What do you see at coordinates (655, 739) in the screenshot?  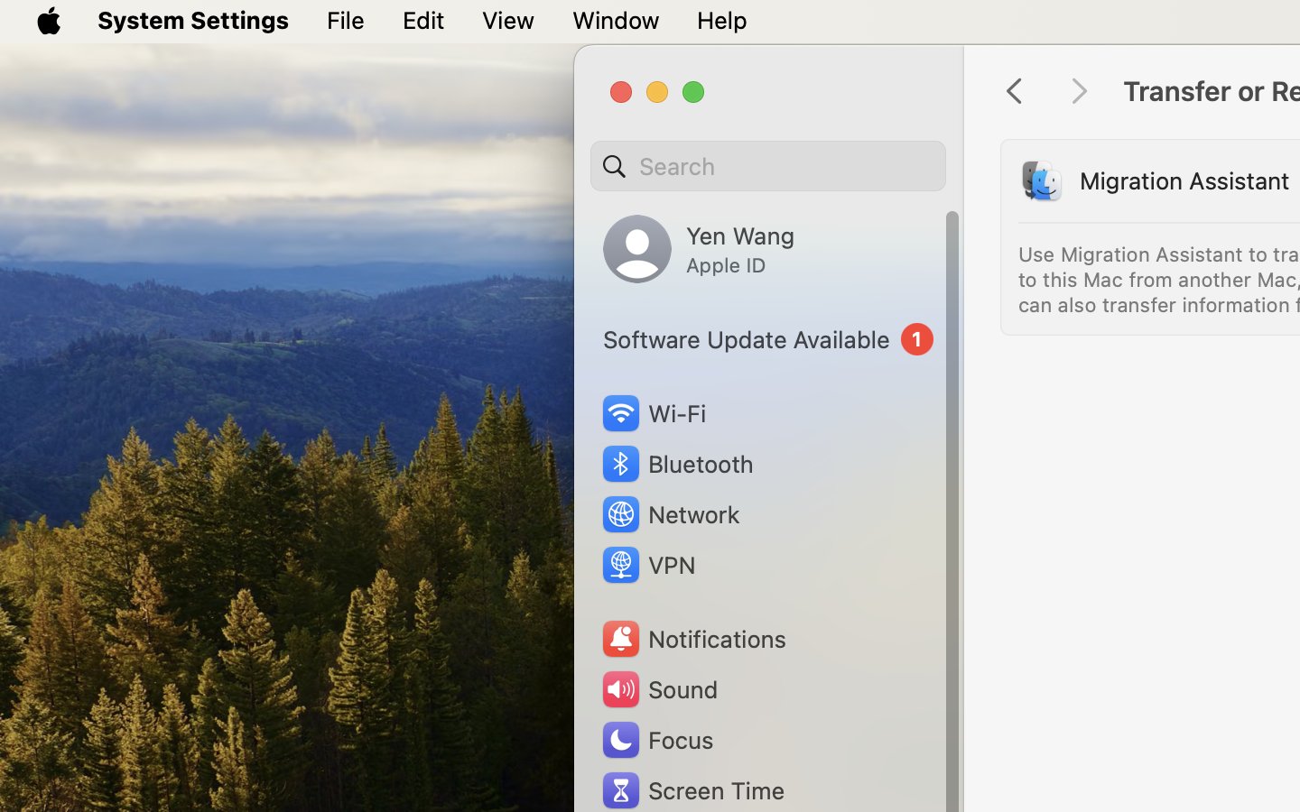 I see `'Focus'` at bounding box center [655, 739].